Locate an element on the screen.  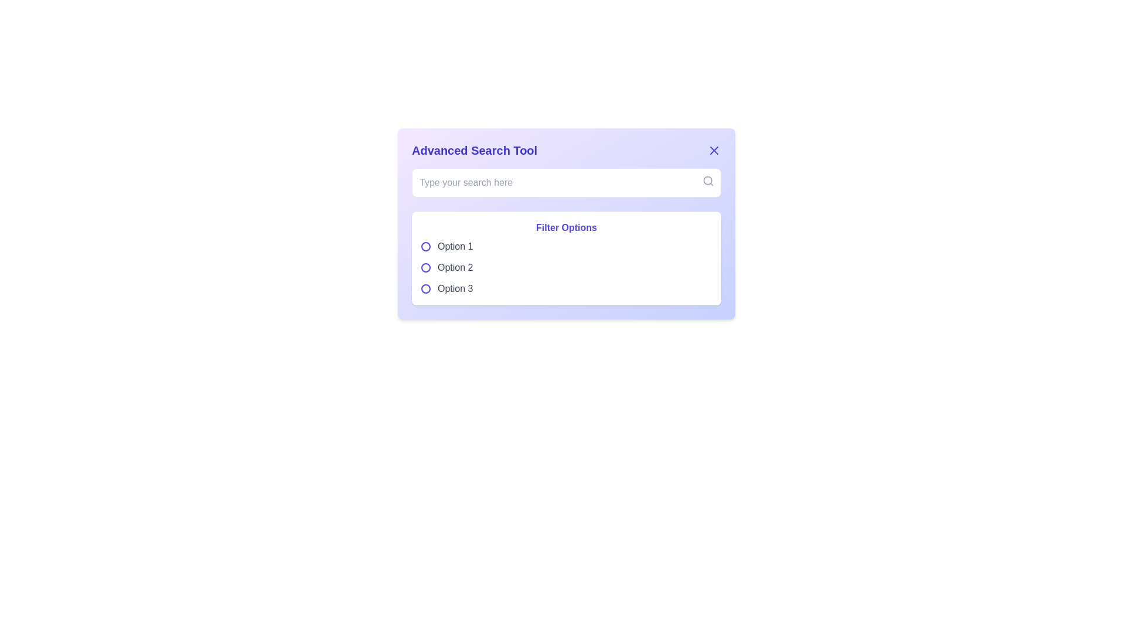
to select the radio button located next to the text 'Option 1' in the 'Filter Options' list is located at coordinates (425, 246).